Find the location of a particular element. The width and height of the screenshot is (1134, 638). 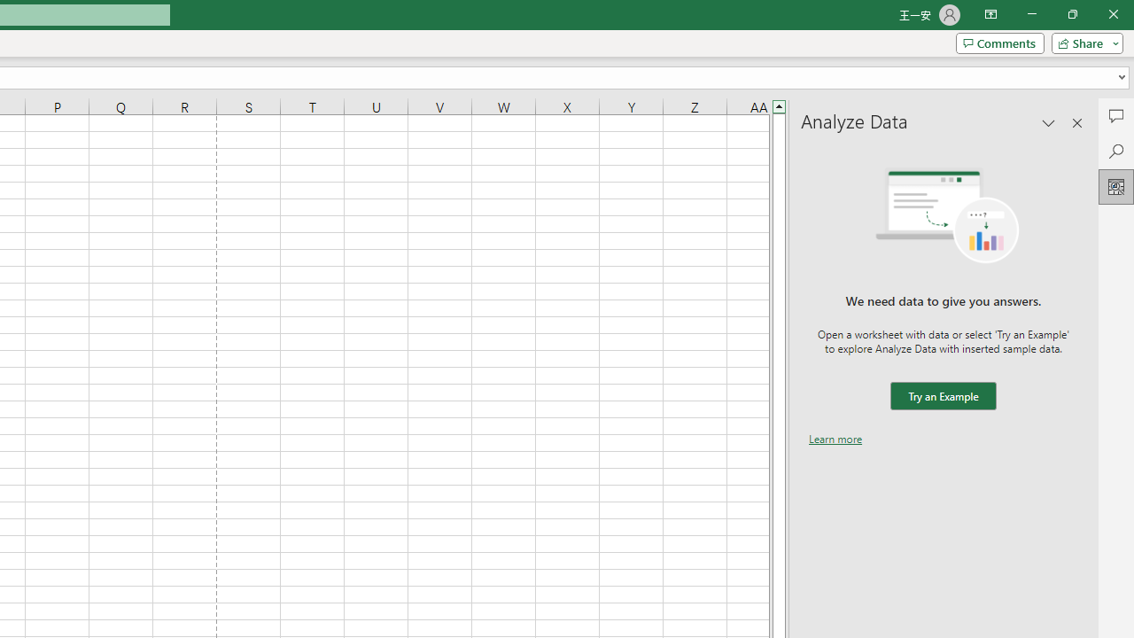

'We need data to give you answers. Try an Example' is located at coordinates (942, 395).